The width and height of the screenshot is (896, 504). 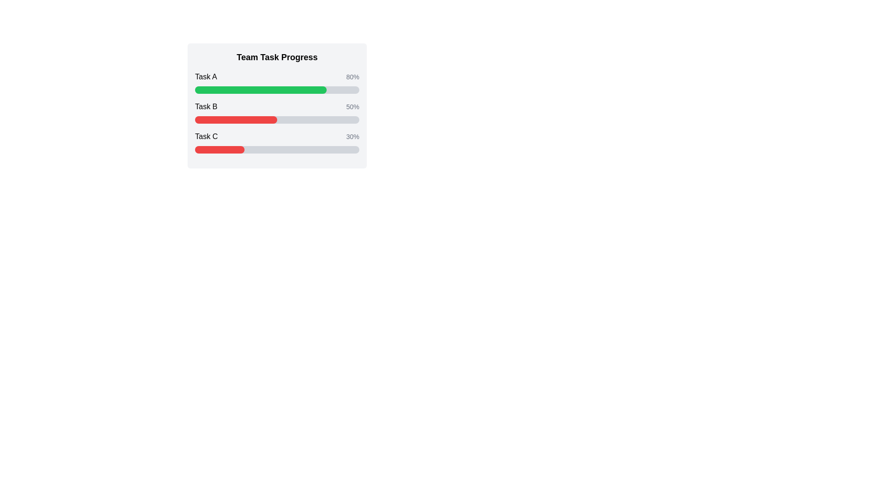 I want to click on the progress bar labeled 'Task B' which shows 50% completion to potentially edit the task, so click(x=277, y=112).